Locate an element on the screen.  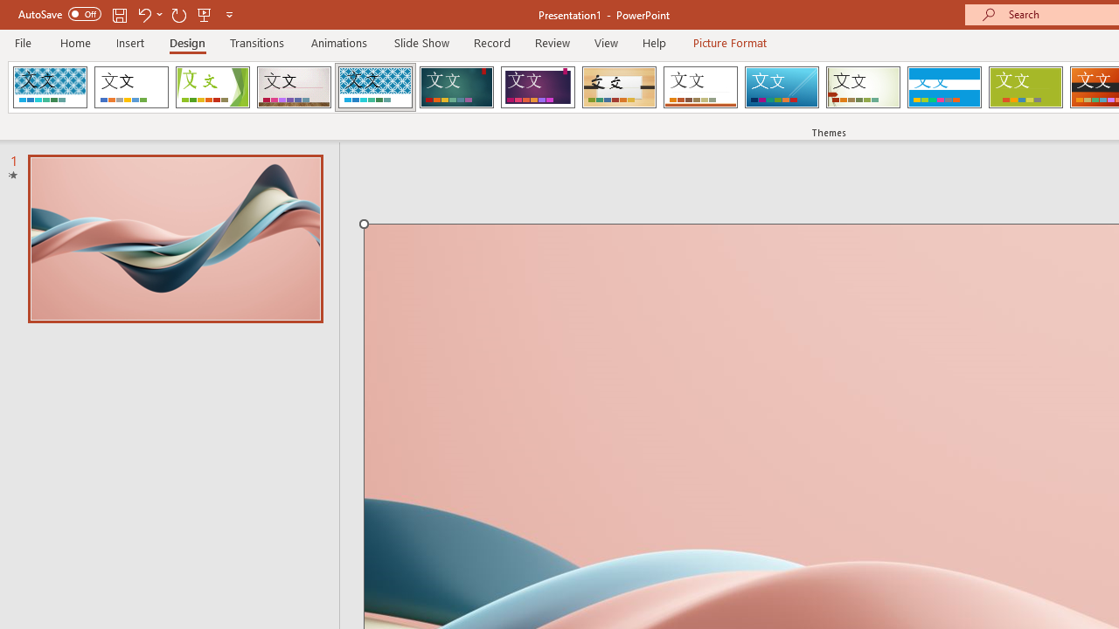
'Basis' is located at coordinates (1025, 87).